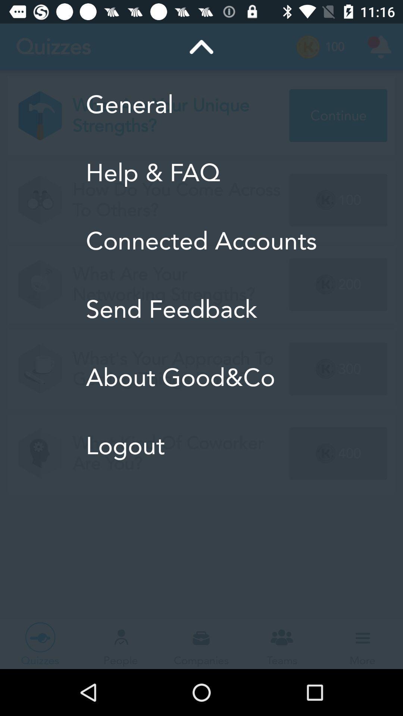 The image size is (403, 716). What do you see at coordinates (201, 172) in the screenshot?
I see `item above connected accounts` at bounding box center [201, 172].